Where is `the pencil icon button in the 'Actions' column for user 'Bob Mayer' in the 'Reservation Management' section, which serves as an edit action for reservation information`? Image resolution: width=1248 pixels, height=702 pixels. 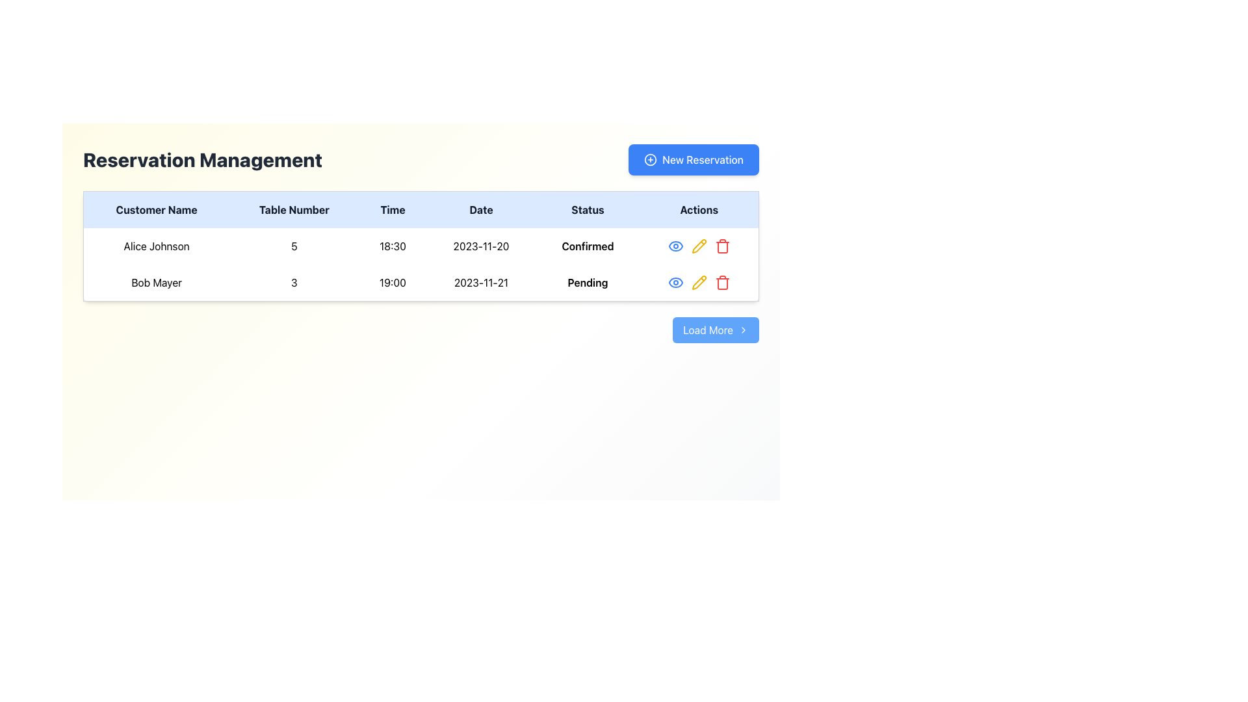 the pencil icon button in the 'Actions' column for user 'Bob Mayer' in the 'Reservation Management' section, which serves as an edit action for reservation information is located at coordinates (698, 282).